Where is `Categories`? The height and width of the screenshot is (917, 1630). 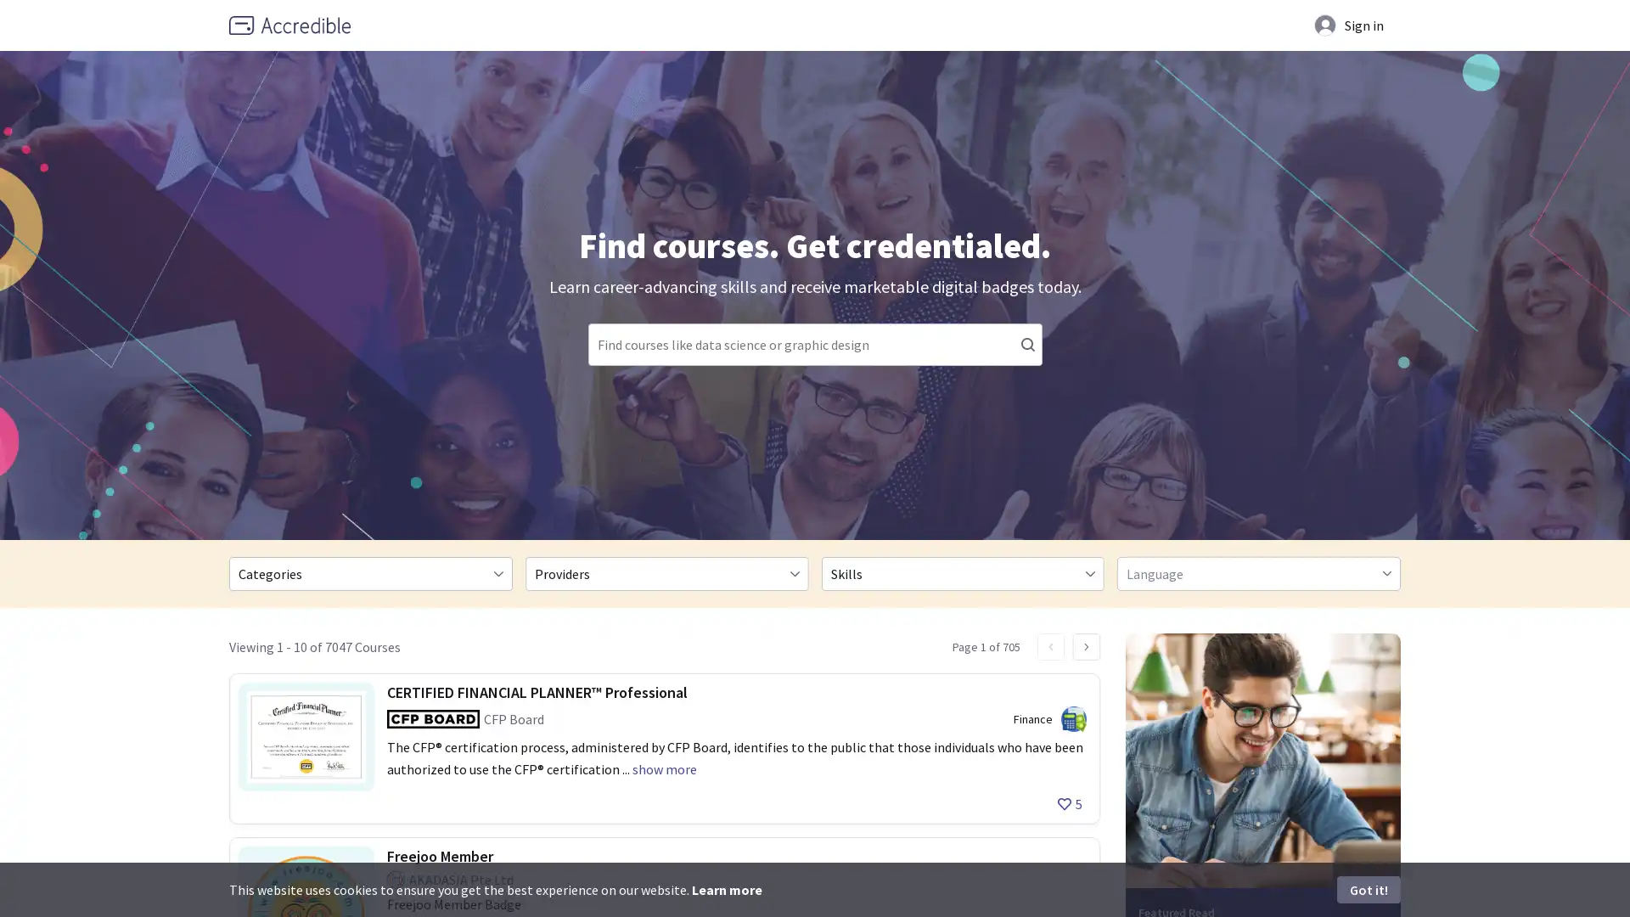
Categories is located at coordinates (369, 573).